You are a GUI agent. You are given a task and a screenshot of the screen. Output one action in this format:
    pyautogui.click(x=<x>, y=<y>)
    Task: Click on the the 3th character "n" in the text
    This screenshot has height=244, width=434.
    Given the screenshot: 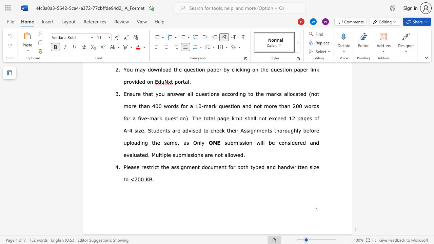 What is the action you would take?
    pyautogui.click(x=223, y=167)
    